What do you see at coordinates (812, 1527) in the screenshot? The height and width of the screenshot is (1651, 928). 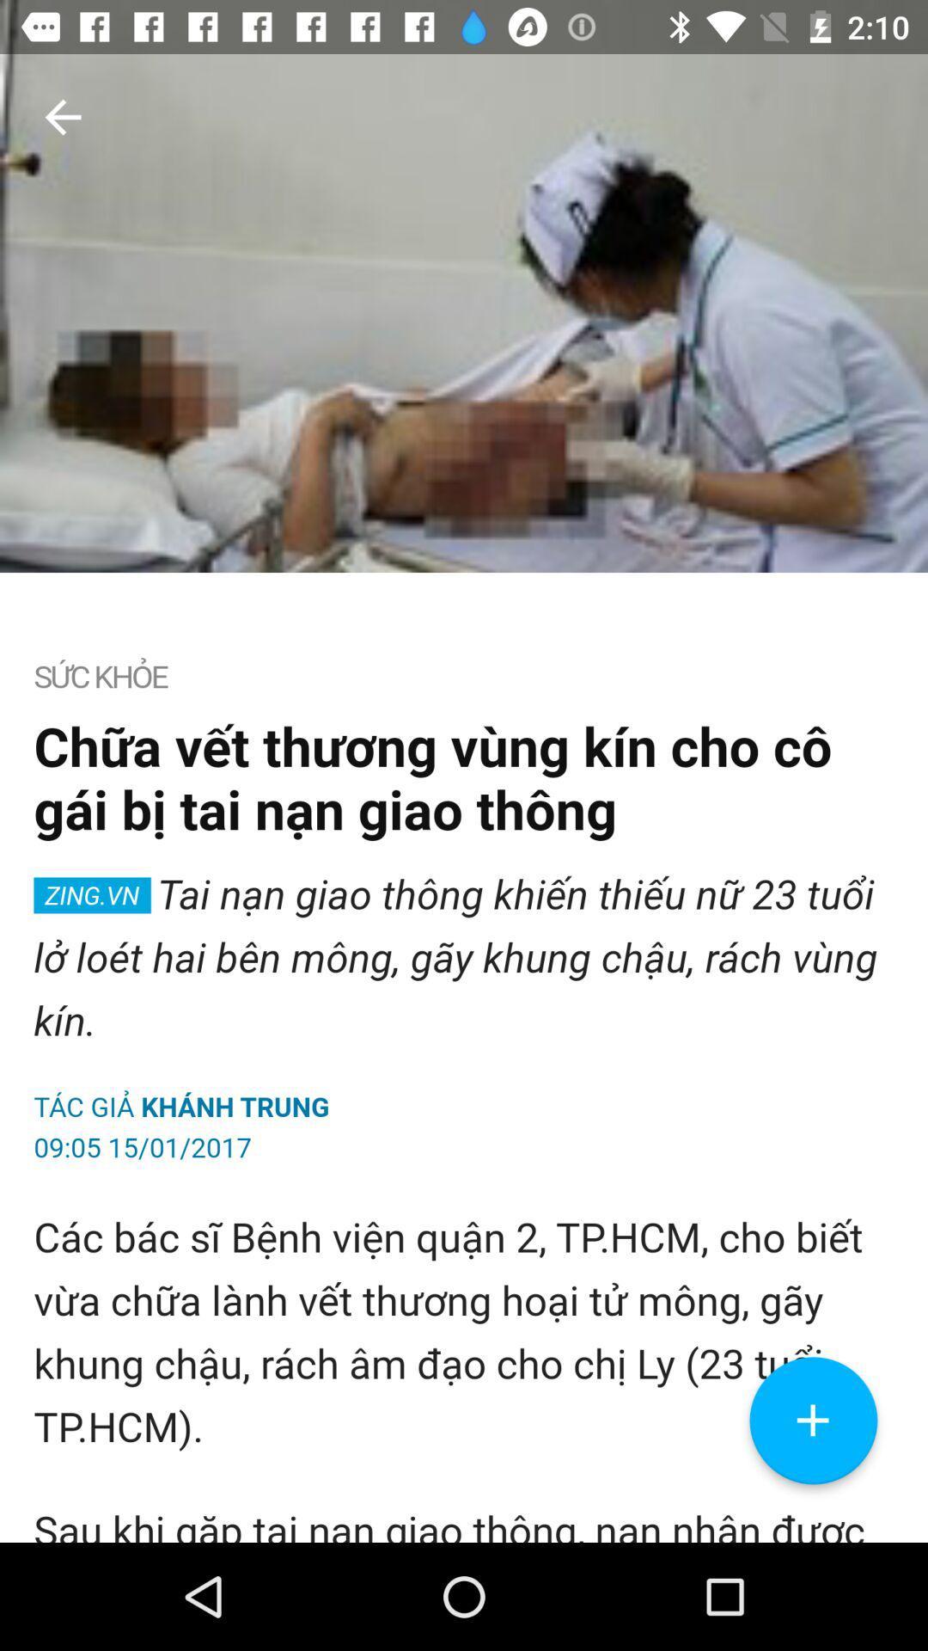 I see `the add icon` at bounding box center [812, 1527].